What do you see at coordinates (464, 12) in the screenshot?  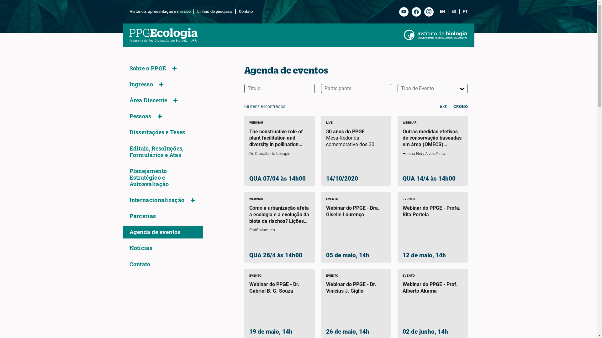 I see `'PT'` at bounding box center [464, 12].